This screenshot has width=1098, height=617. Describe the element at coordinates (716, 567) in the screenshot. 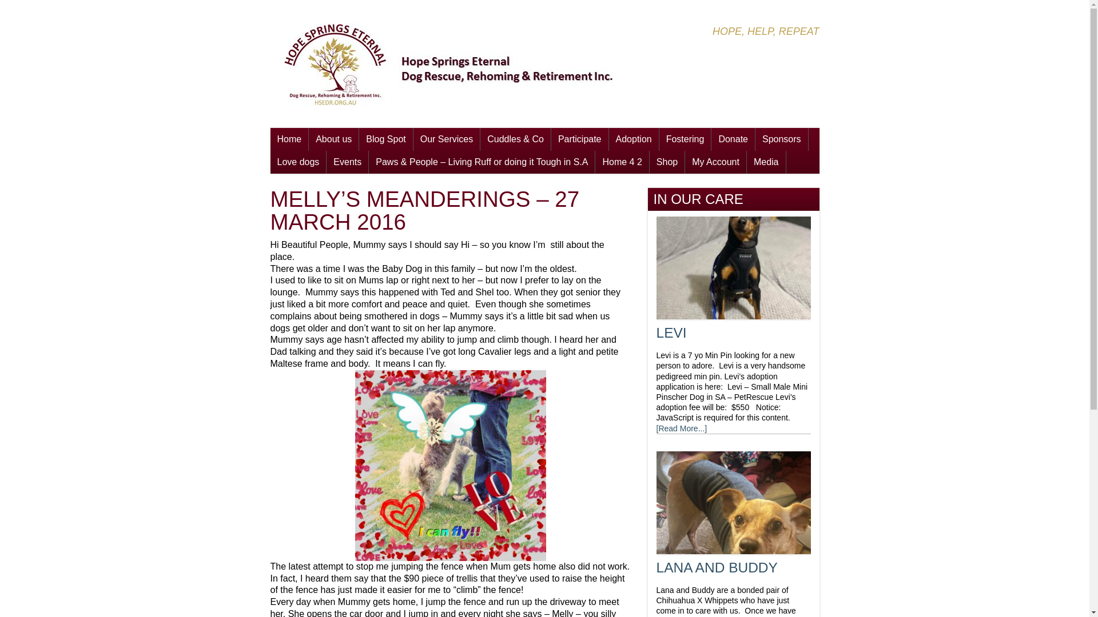

I see `'LANA AND BUDDY'` at that location.